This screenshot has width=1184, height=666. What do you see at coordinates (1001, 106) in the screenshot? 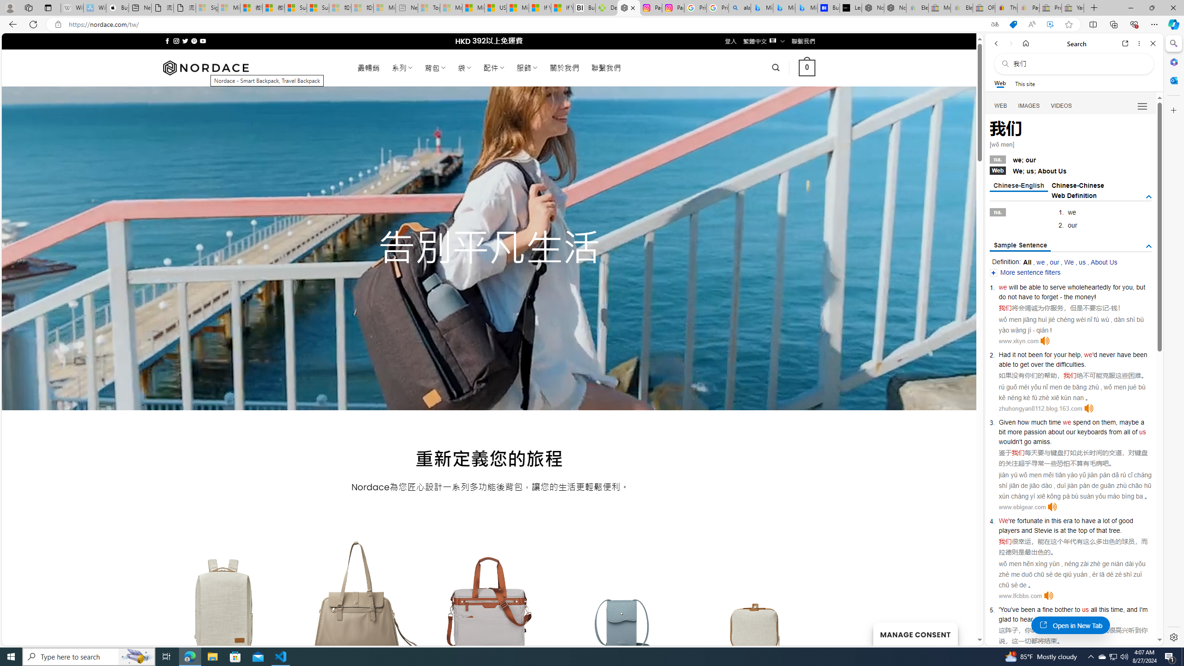
I see `'WEB'` at bounding box center [1001, 106].